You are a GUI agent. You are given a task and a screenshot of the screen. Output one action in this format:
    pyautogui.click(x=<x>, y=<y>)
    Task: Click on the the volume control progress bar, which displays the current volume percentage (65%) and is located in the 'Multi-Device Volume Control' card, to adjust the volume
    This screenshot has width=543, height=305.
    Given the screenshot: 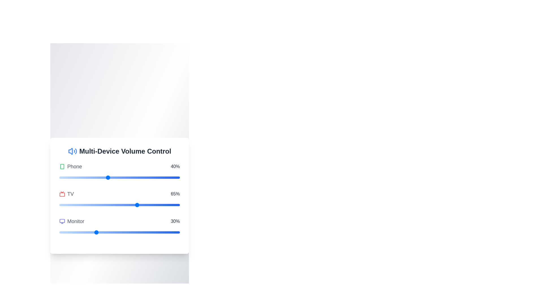 What is the action you would take?
    pyautogui.click(x=119, y=199)
    